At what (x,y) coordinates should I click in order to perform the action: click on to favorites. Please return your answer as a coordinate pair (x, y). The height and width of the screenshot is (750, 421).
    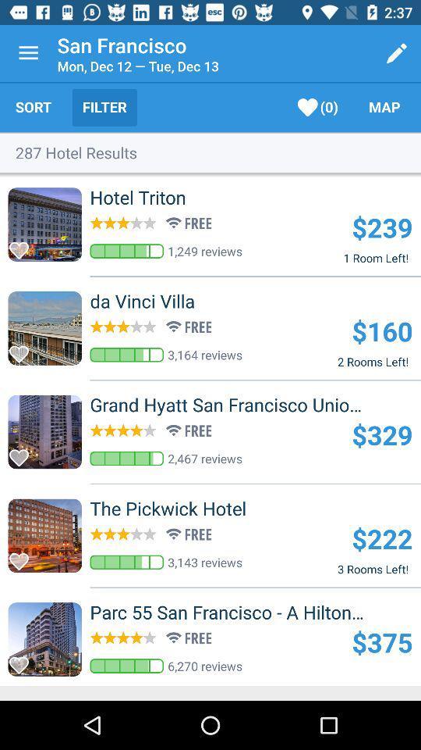
    Looking at the image, I should click on (23, 453).